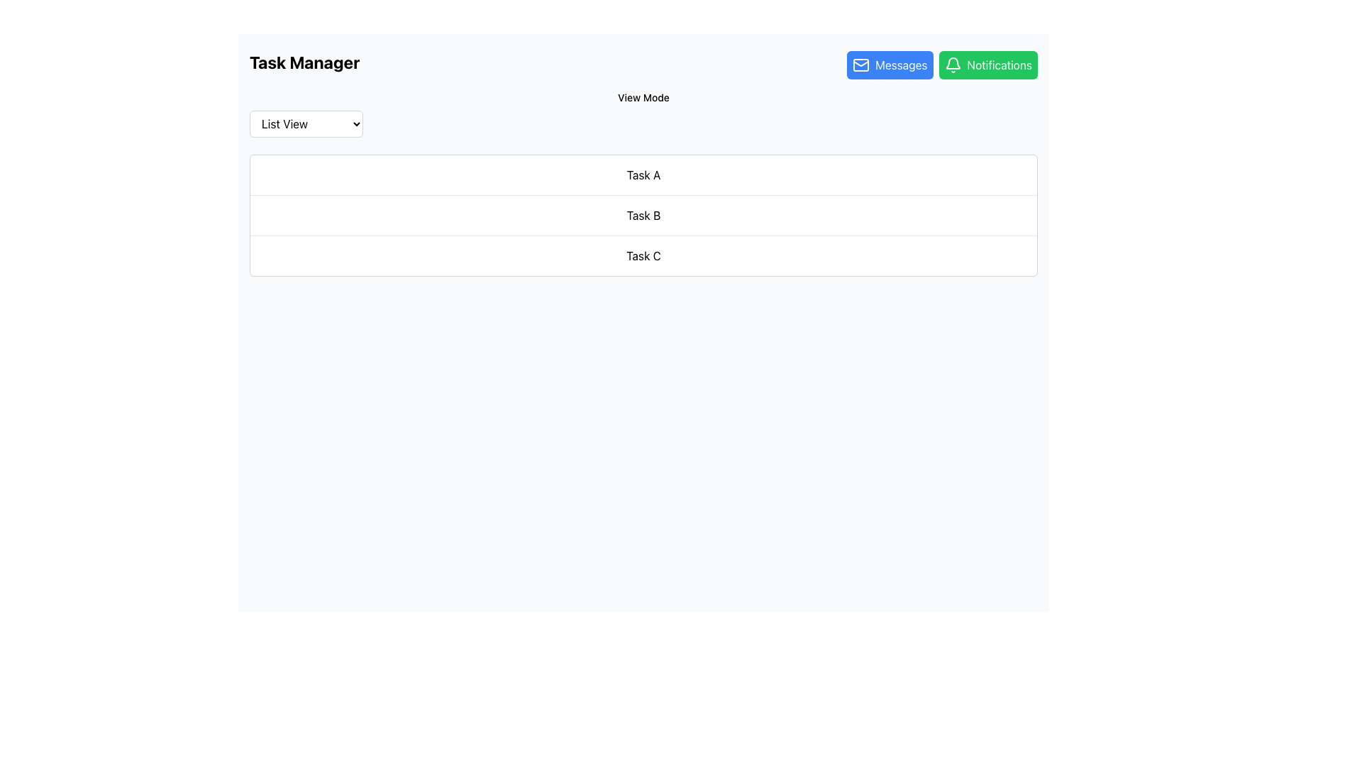 This screenshot has height=766, width=1362. What do you see at coordinates (987, 65) in the screenshot?
I see `the notifications button located at the top-right corner of the layout, adjacent to the 'Messages' button` at bounding box center [987, 65].